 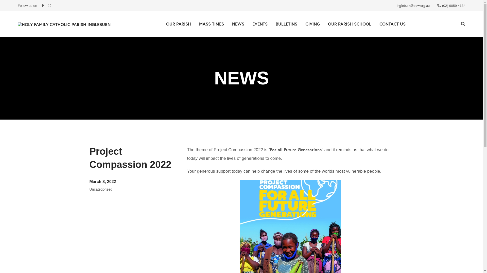 I want to click on 'GIVING', so click(x=312, y=24).